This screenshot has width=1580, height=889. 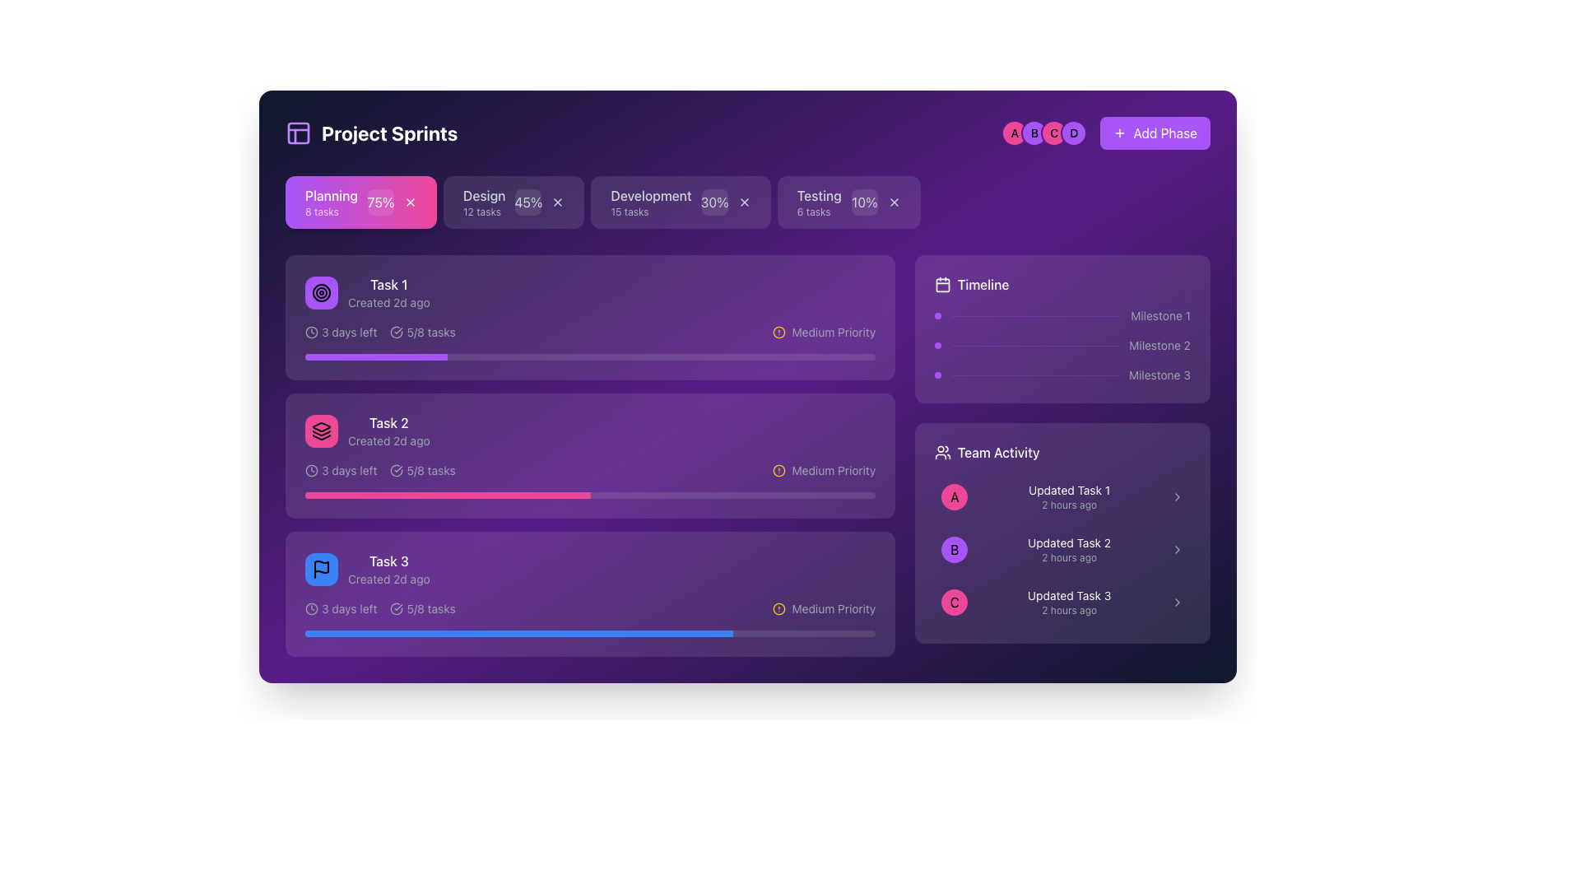 What do you see at coordinates (1069, 542) in the screenshot?
I see `the task update label in the 'Team Activity' section, which is the second item among three, aligned with the '2 hours ago' label and paired with a 'B' circular icon` at bounding box center [1069, 542].